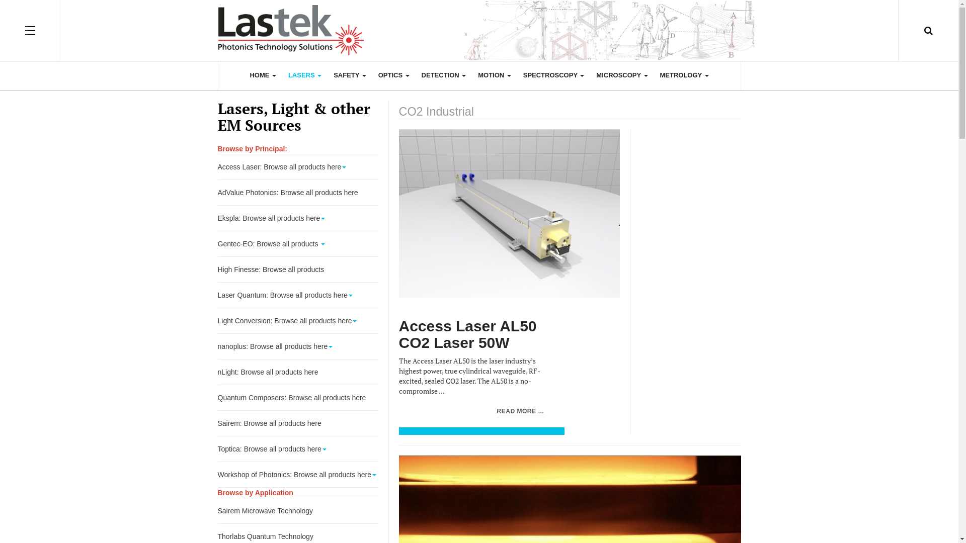  I want to click on 'High Finesse: Browse all products', so click(297, 269).